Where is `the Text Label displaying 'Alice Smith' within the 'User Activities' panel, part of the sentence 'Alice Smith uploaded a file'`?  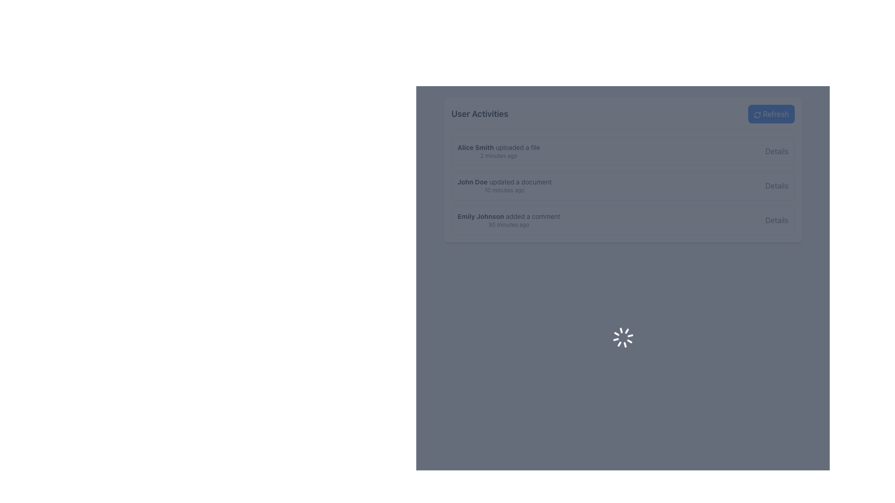
the Text Label displaying 'Alice Smith' within the 'User Activities' panel, part of the sentence 'Alice Smith uploaded a file' is located at coordinates (475, 147).